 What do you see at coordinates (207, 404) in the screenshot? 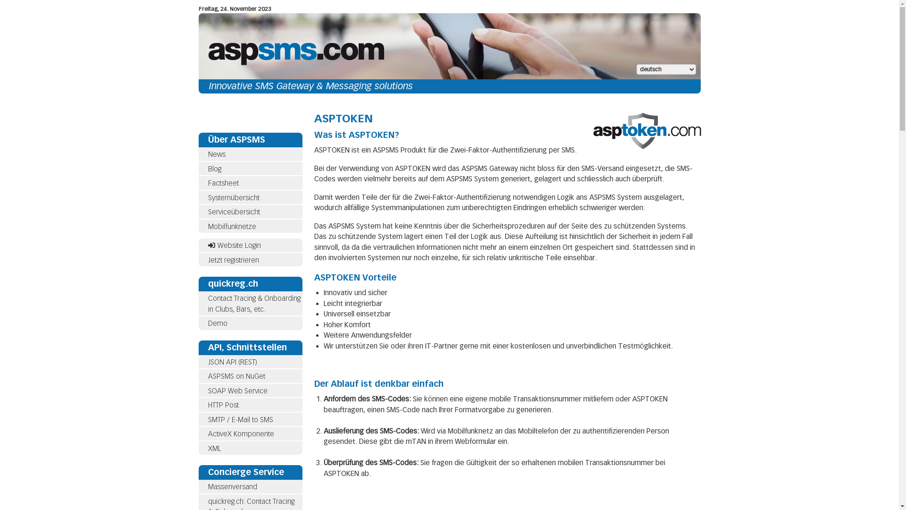
I see `'HTTP Post'` at bounding box center [207, 404].